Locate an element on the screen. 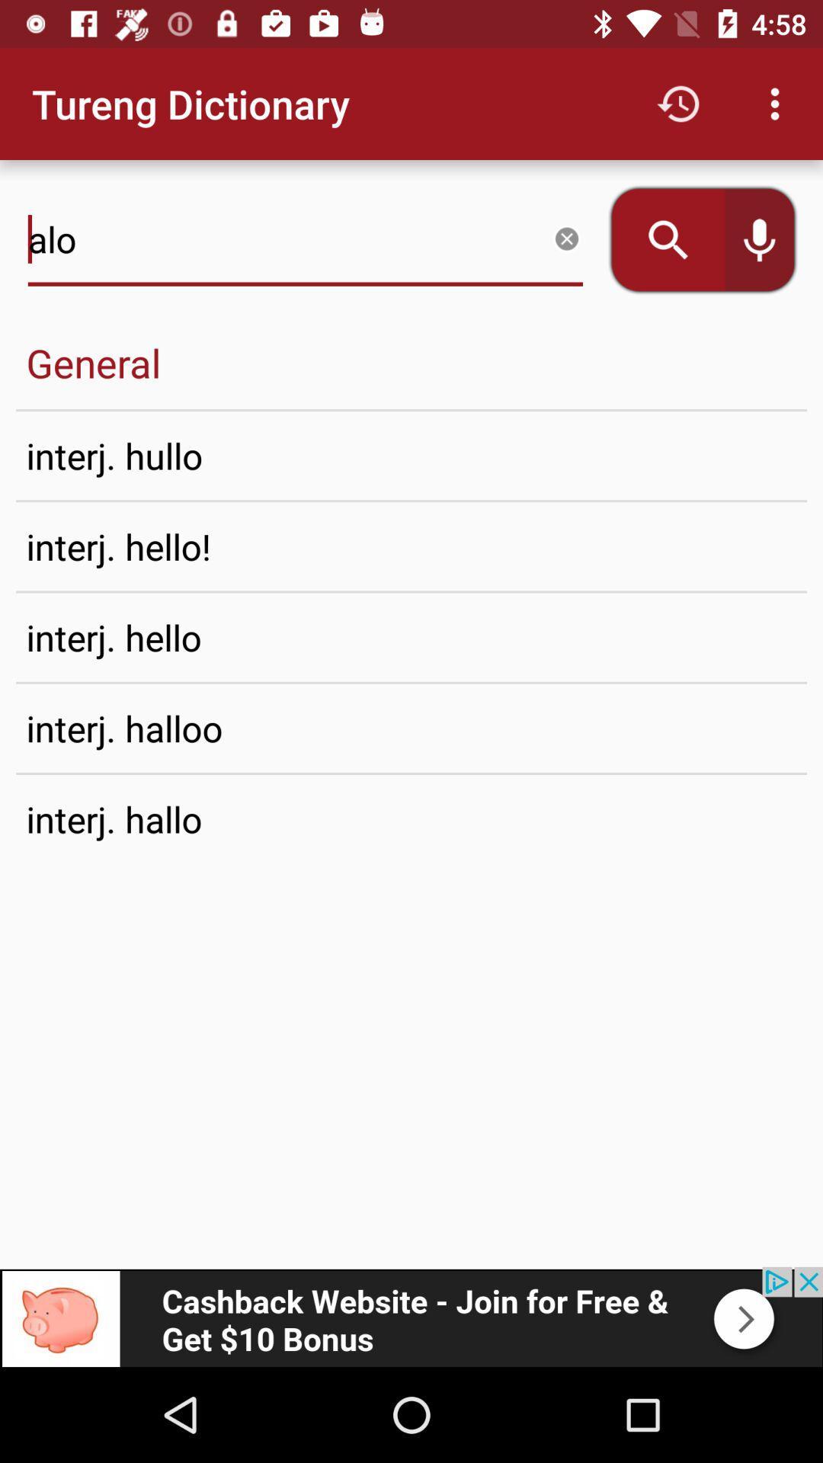  advertisement is located at coordinates (411, 1316).